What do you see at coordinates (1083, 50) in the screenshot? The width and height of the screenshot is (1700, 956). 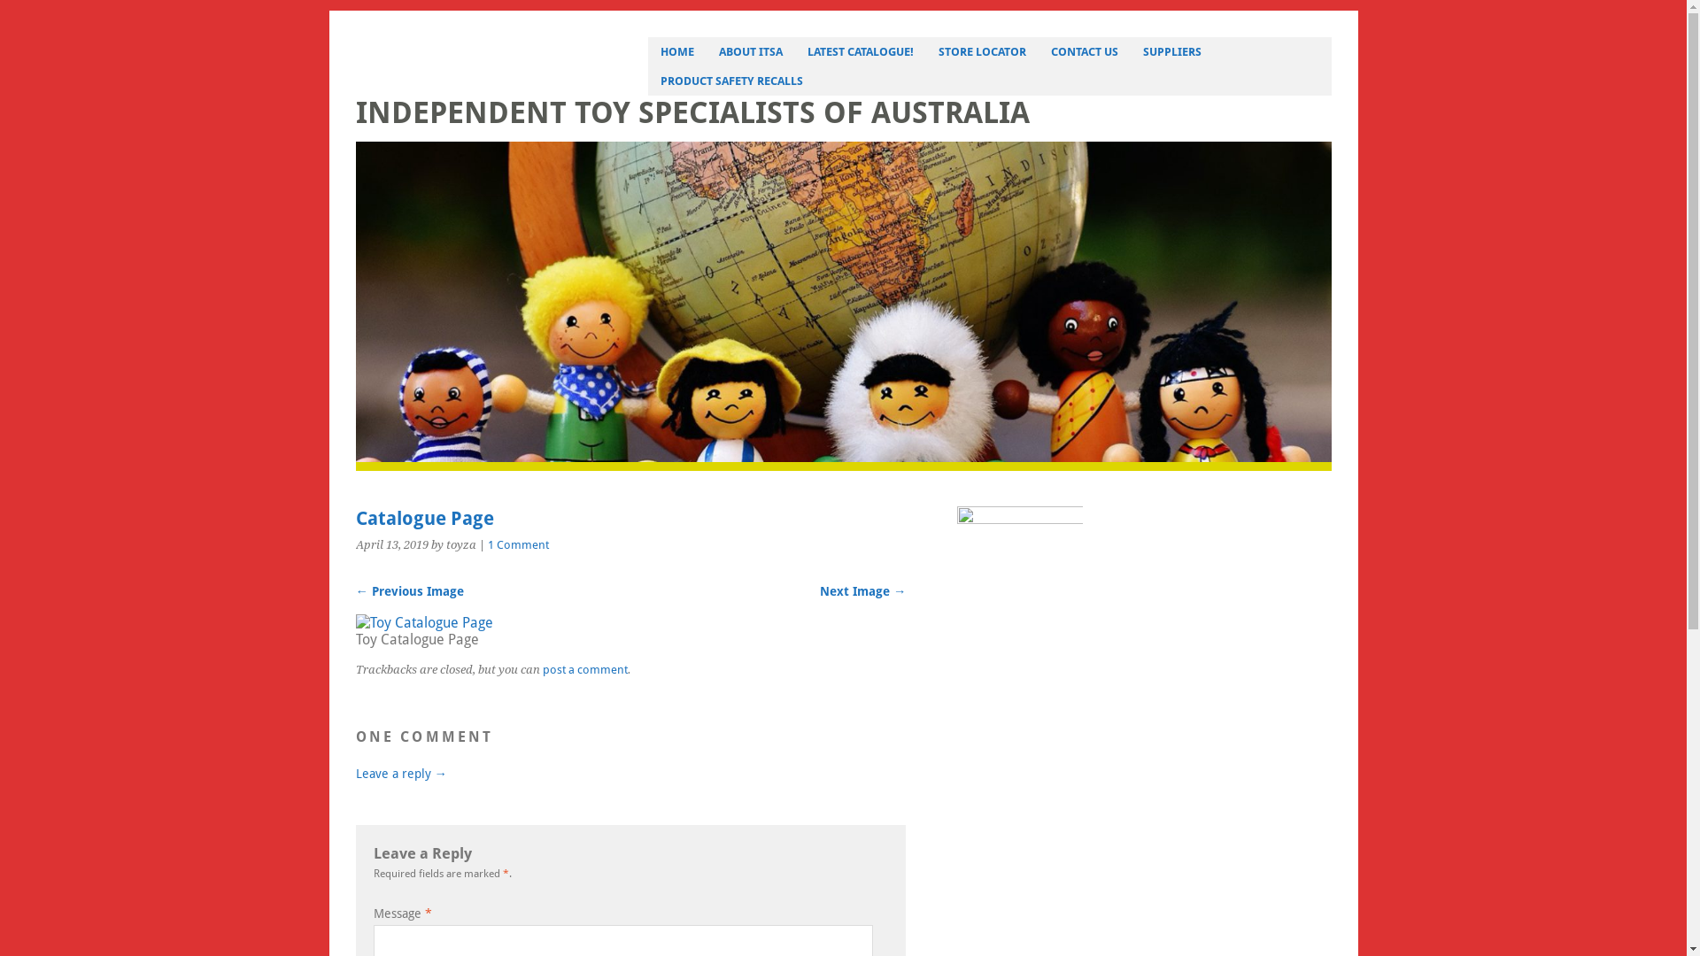 I see `'CONTACT US'` at bounding box center [1083, 50].